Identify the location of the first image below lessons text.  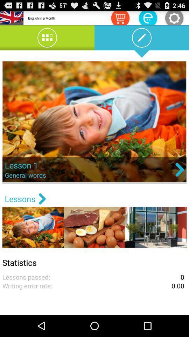
(33, 227).